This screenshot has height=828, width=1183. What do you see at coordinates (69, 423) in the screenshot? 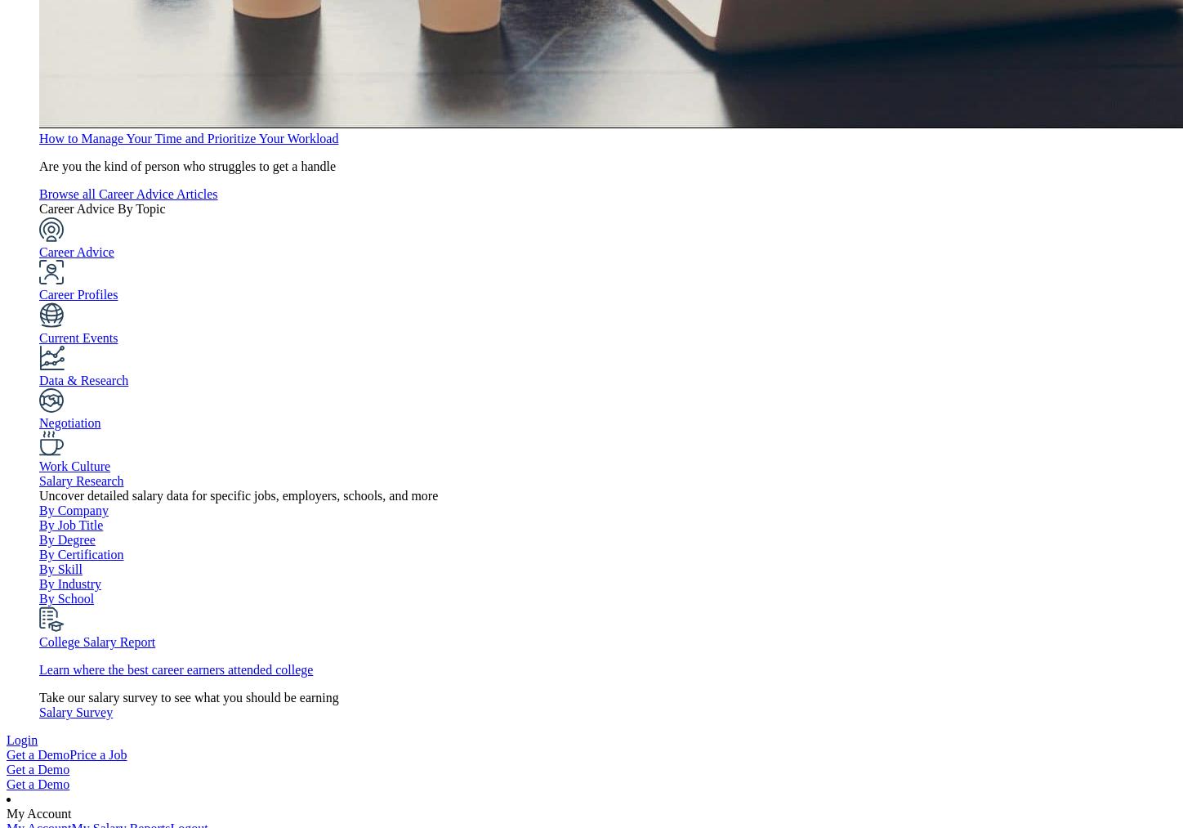
I see `'Negotiation'` at bounding box center [69, 423].